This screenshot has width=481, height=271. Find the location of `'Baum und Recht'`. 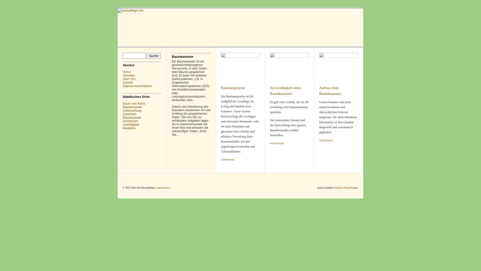

'Baum und Recht' is located at coordinates (134, 103).